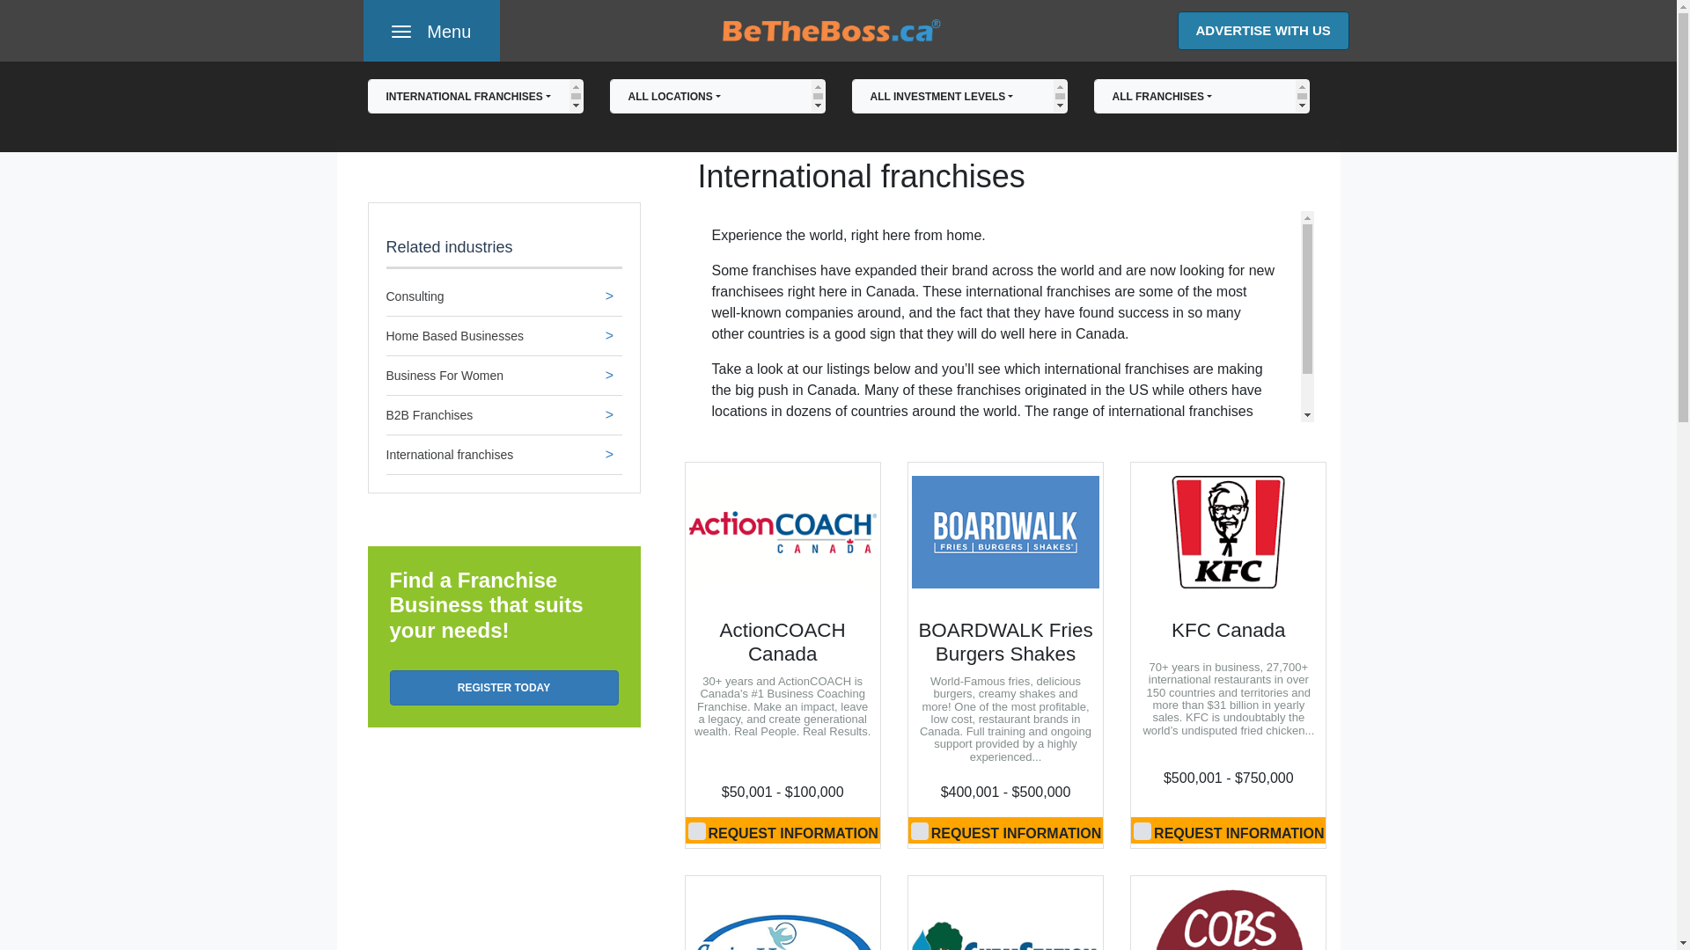 This screenshot has width=1690, height=950. What do you see at coordinates (502, 379) in the screenshot?
I see `'Business For Women` at bounding box center [502, 379].